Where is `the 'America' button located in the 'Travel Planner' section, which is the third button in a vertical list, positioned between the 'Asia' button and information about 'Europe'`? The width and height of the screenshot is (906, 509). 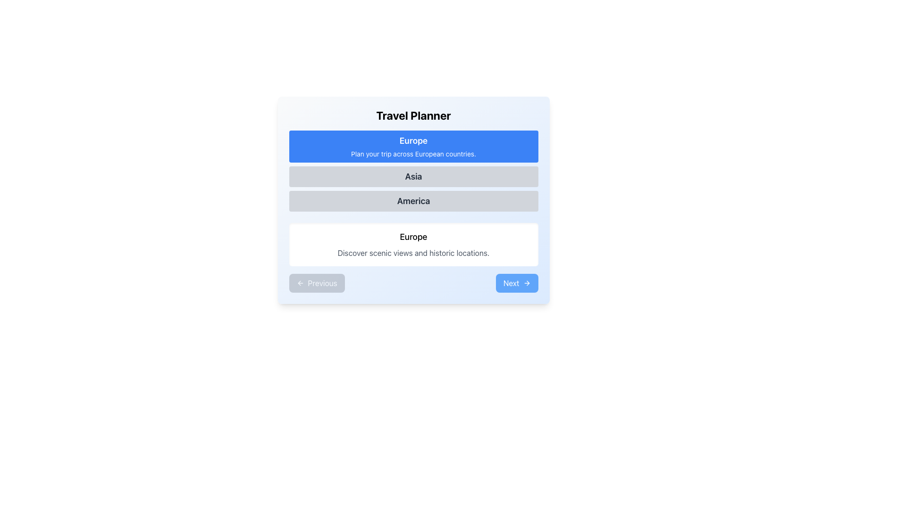 the 'America' button located in the 'Travel Planner' section, which is the third button in a vertical list, positioned between the 'Asia' button and information about 'Europe' is located at coordinates (413, 201).